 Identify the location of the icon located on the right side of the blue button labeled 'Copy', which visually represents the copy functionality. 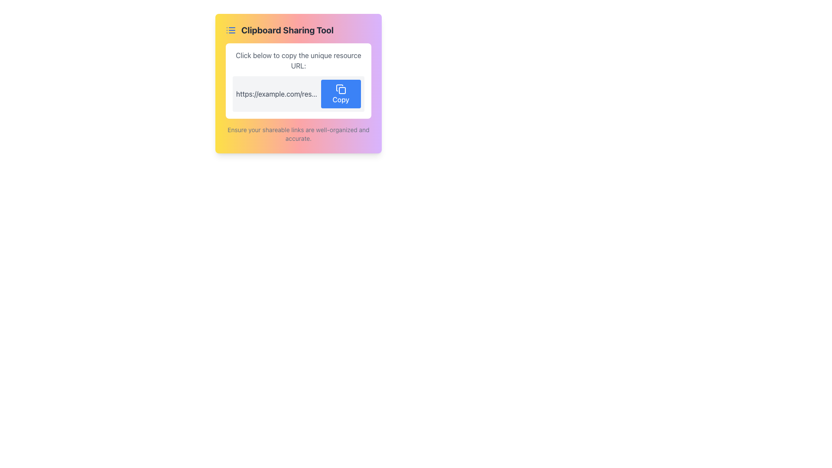
(340, 89).